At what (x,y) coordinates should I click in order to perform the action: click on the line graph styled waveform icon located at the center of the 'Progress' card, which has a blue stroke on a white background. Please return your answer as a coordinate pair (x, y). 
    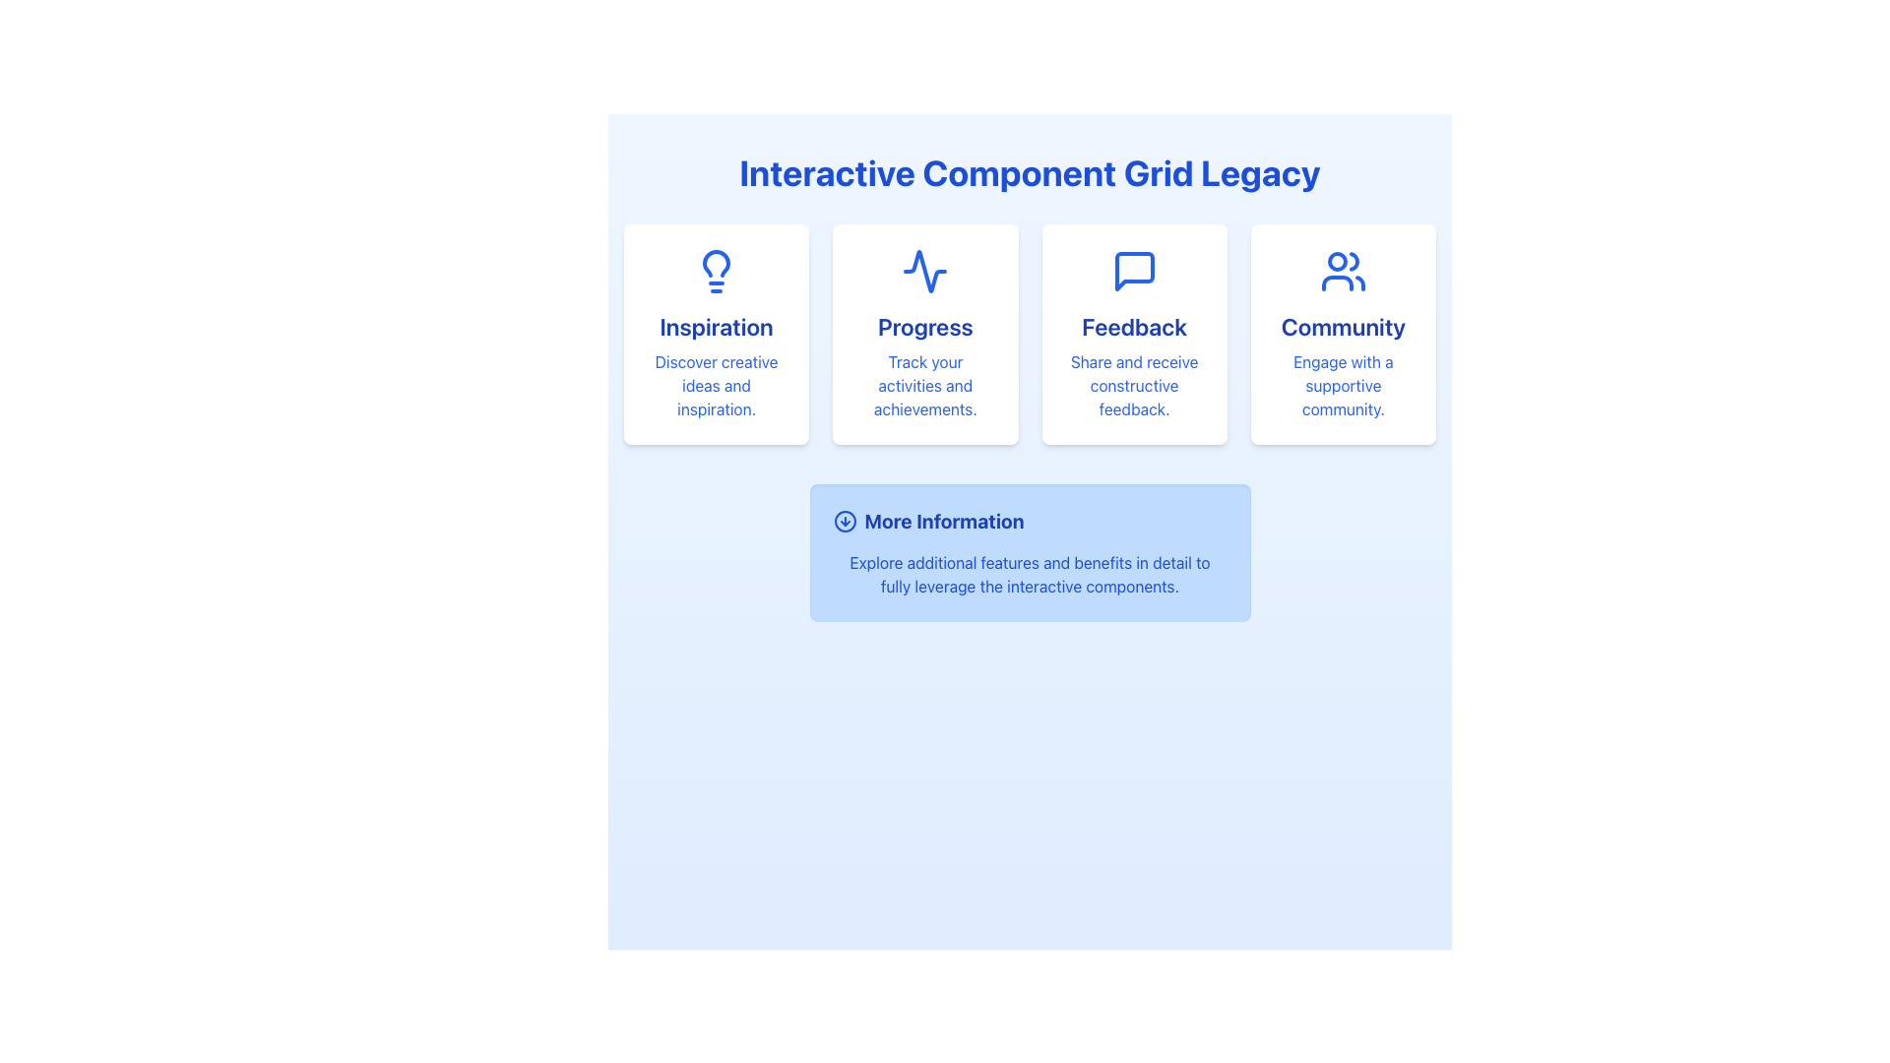
    Looking at the image, I should click on (924, 272).